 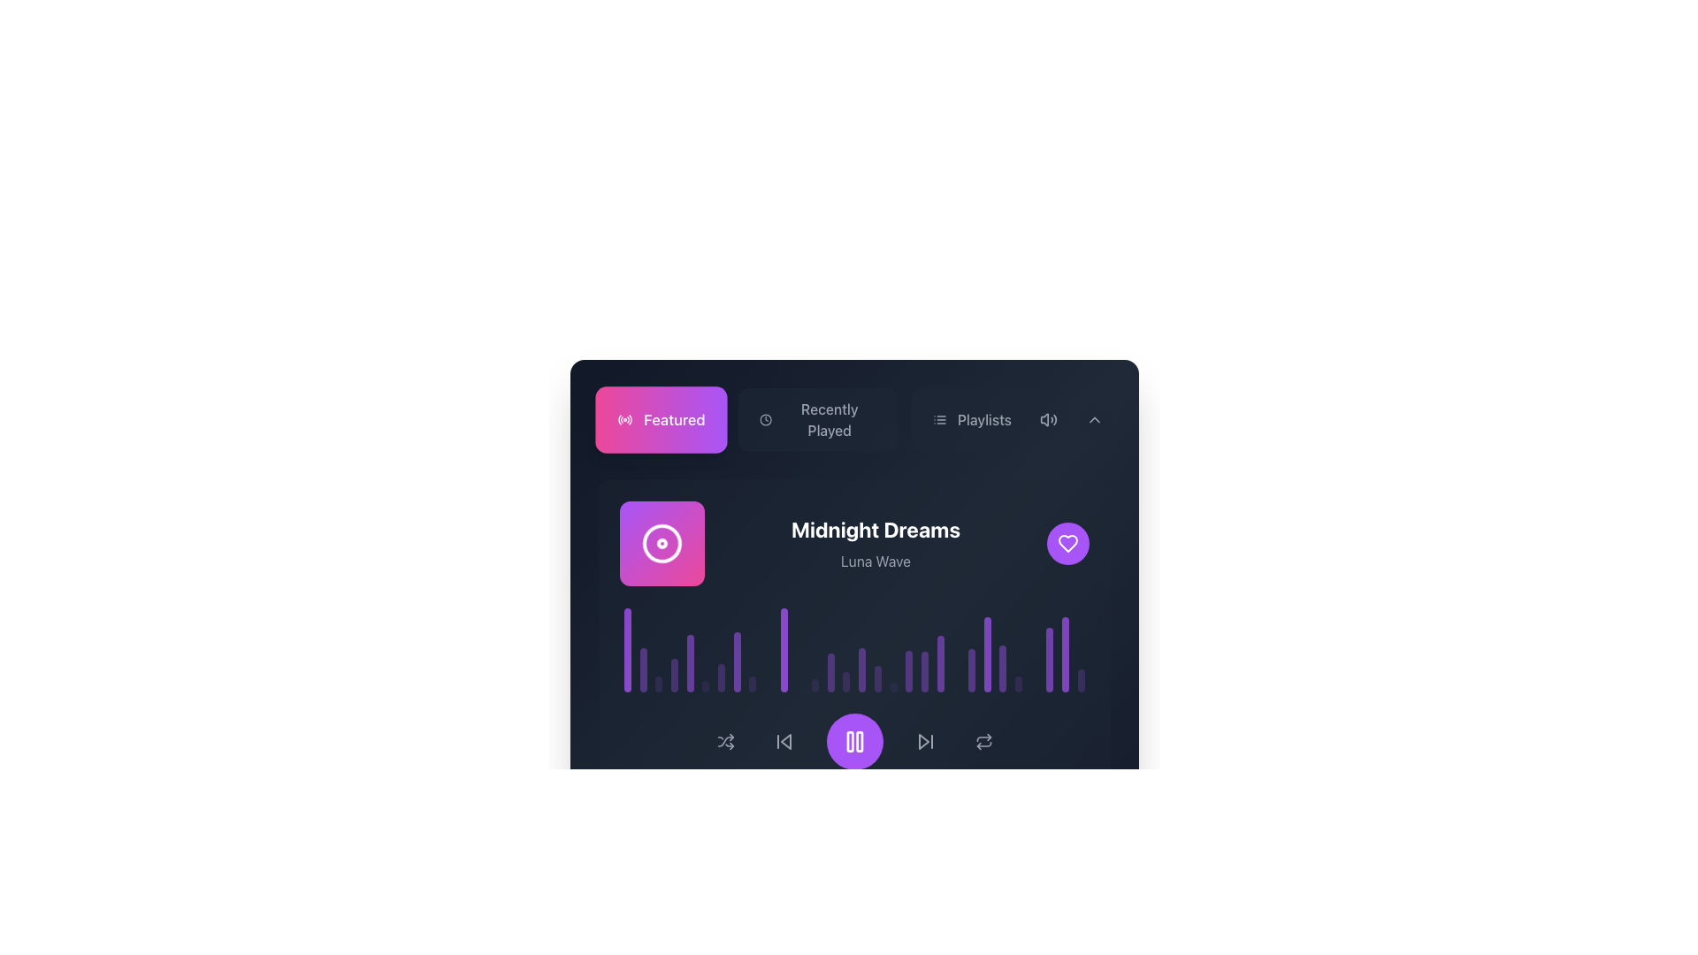 I want to click on the 'skip back' button represented as an SVG graphic, located centrally at the bottom of the interface within the lower control panel, so click(x=784, y=742).